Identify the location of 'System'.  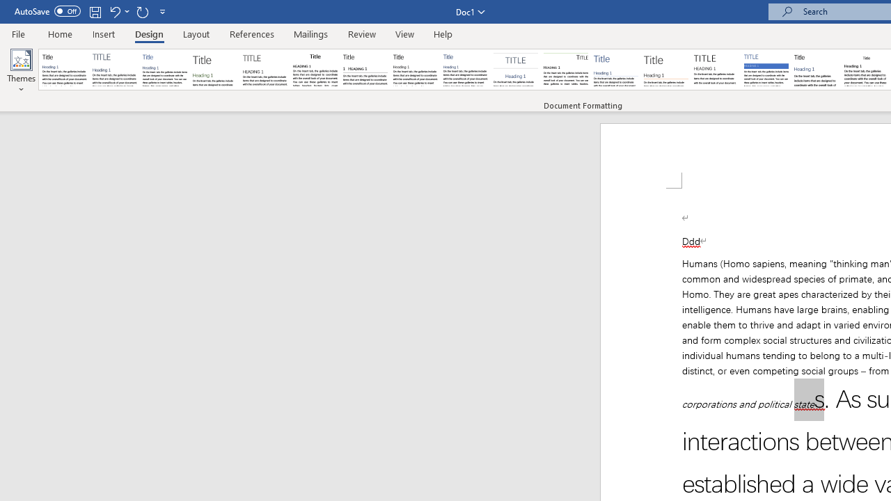
(7, 8).